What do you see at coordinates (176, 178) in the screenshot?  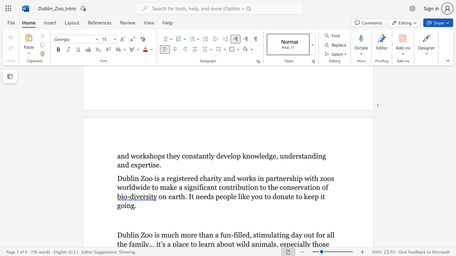 I see `the subset text "istered charity and works in partnership with z" within the text "Dublin Zoo is a registered charity and works in partnership with zoos worldwide to make a significant contribution to the conservation of"` at bounding box center [176, 178].